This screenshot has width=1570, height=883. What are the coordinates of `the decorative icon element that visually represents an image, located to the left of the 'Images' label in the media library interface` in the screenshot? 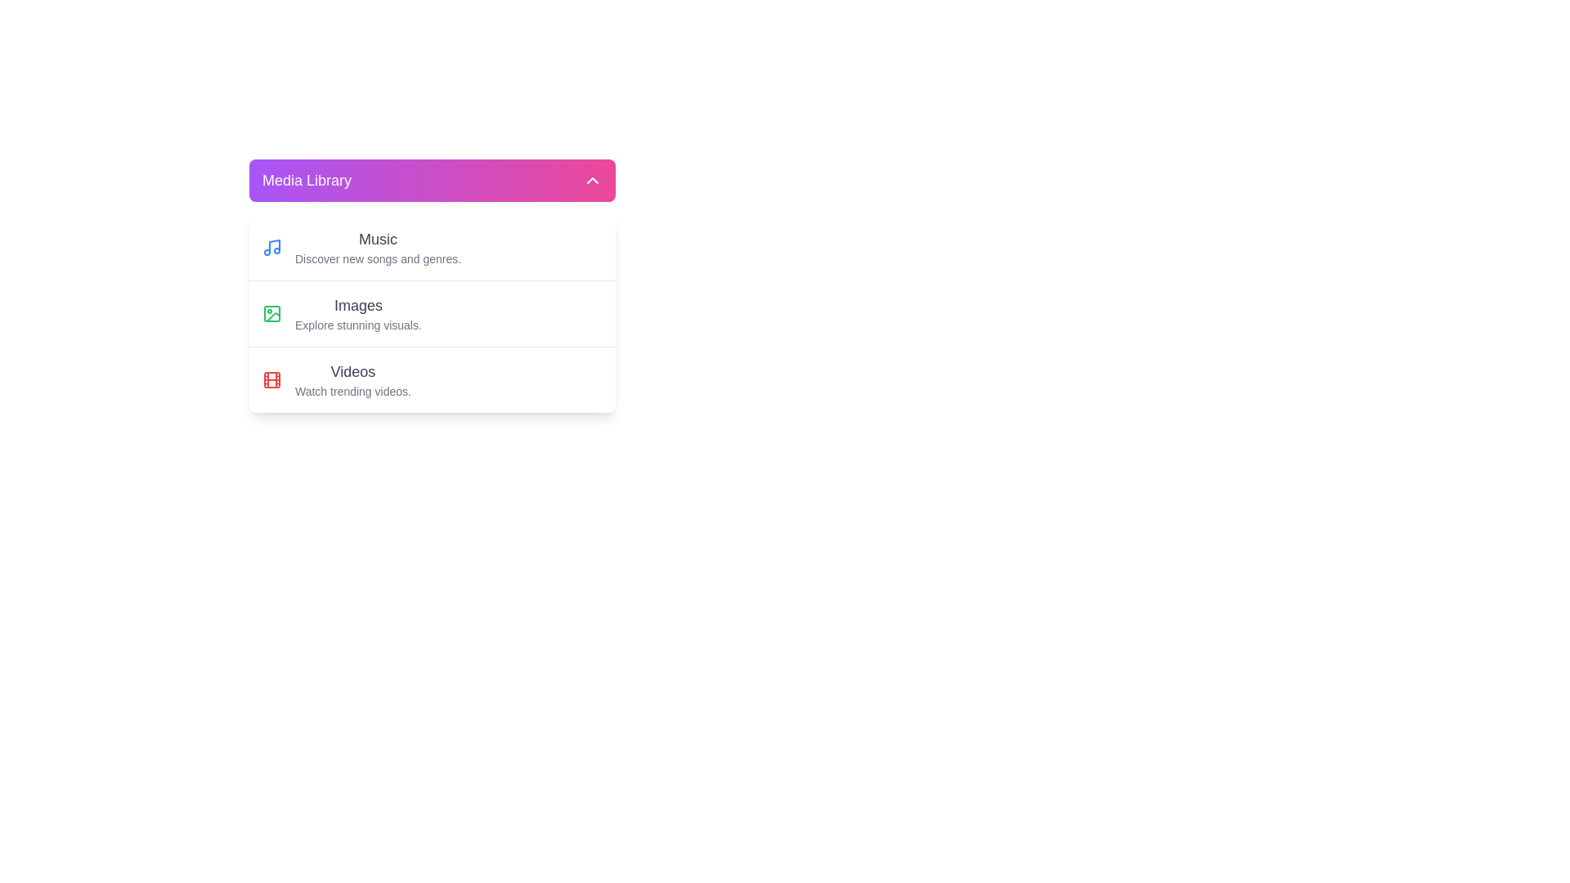 It's located at (271, 314).